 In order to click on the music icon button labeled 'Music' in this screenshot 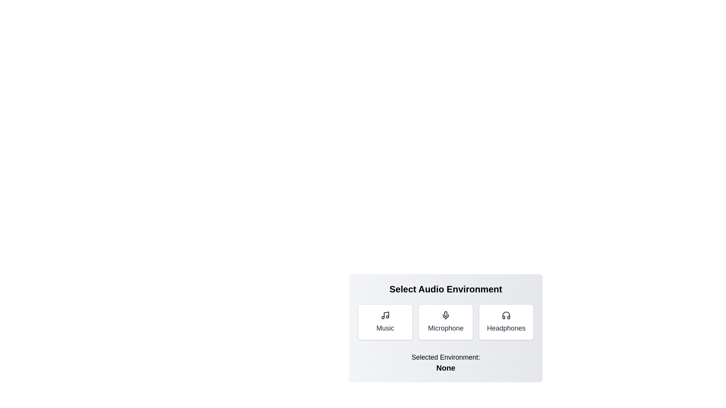, I will do `click(385, 322)`.